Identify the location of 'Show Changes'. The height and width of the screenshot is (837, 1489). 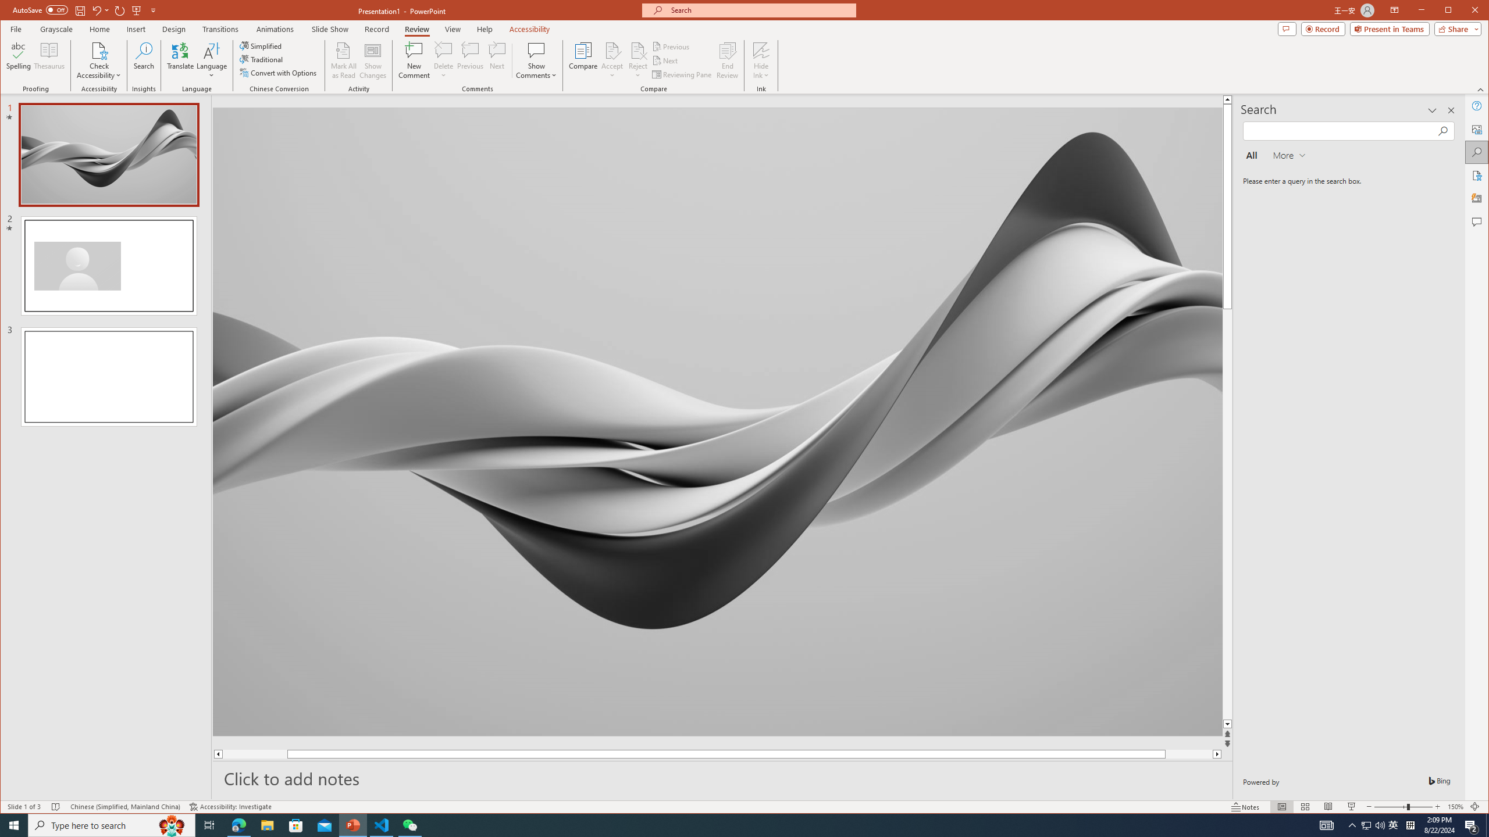
(373, 60).